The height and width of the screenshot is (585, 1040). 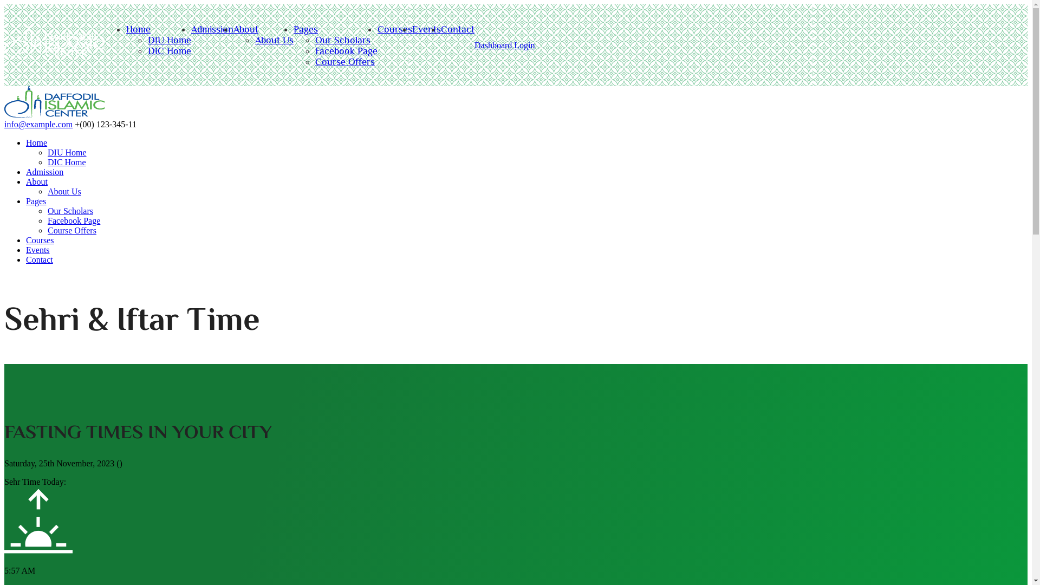 I want to click on 'About', so click(x=245, y=29).